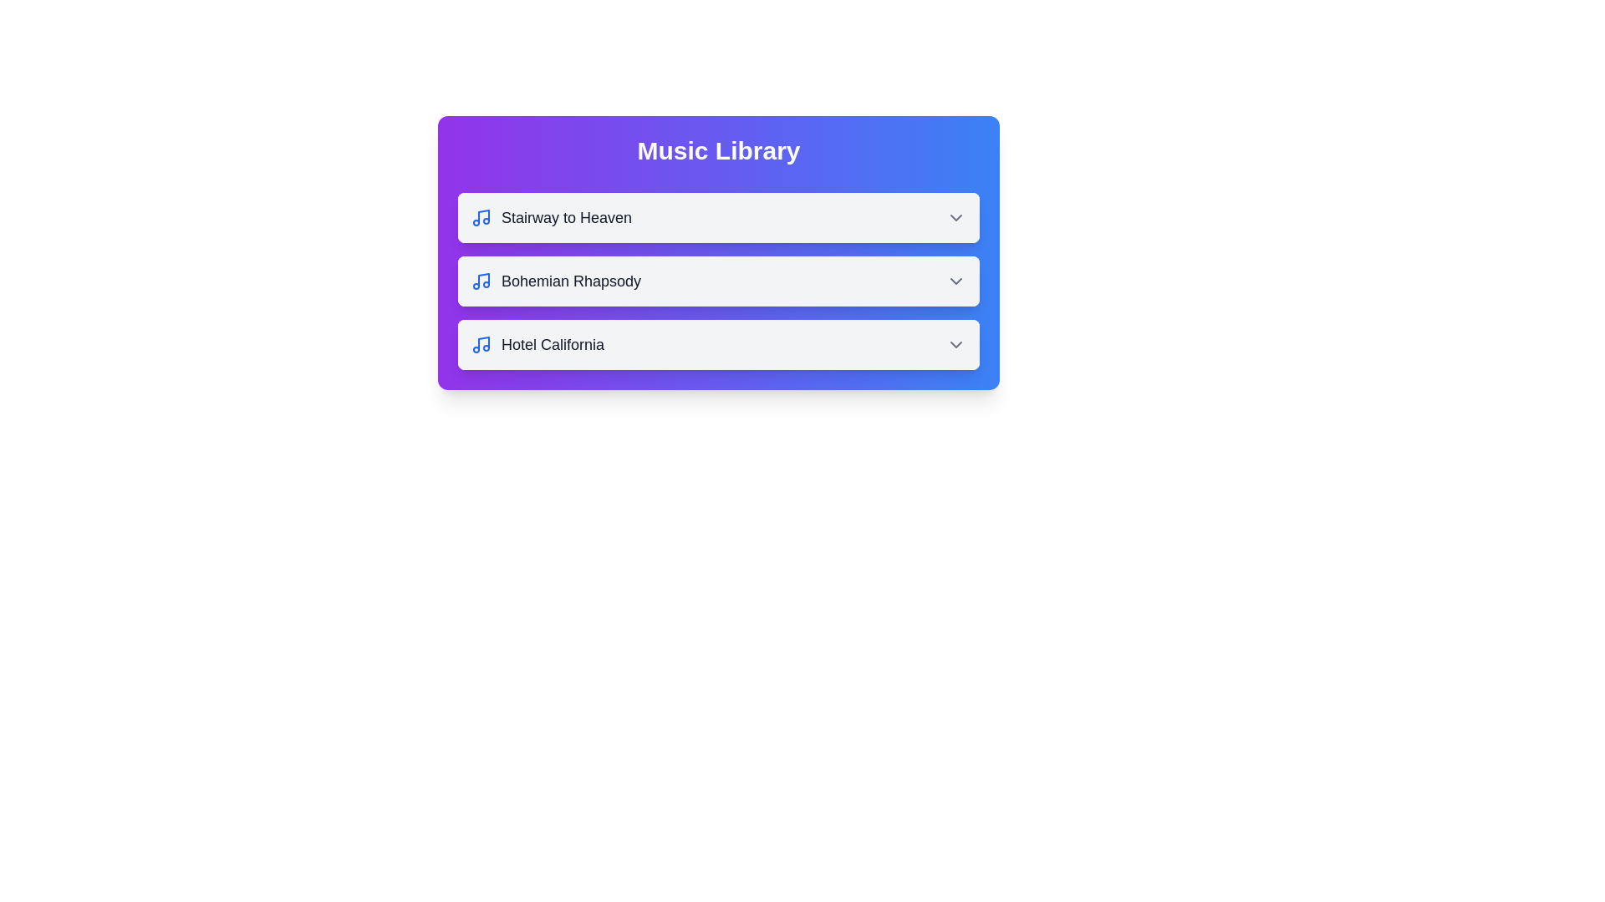  Describe the element at coordinates (718, 280) in the screenshot. I see `the 'Bohemian Rhapsody' list item with dropdown` at that location.